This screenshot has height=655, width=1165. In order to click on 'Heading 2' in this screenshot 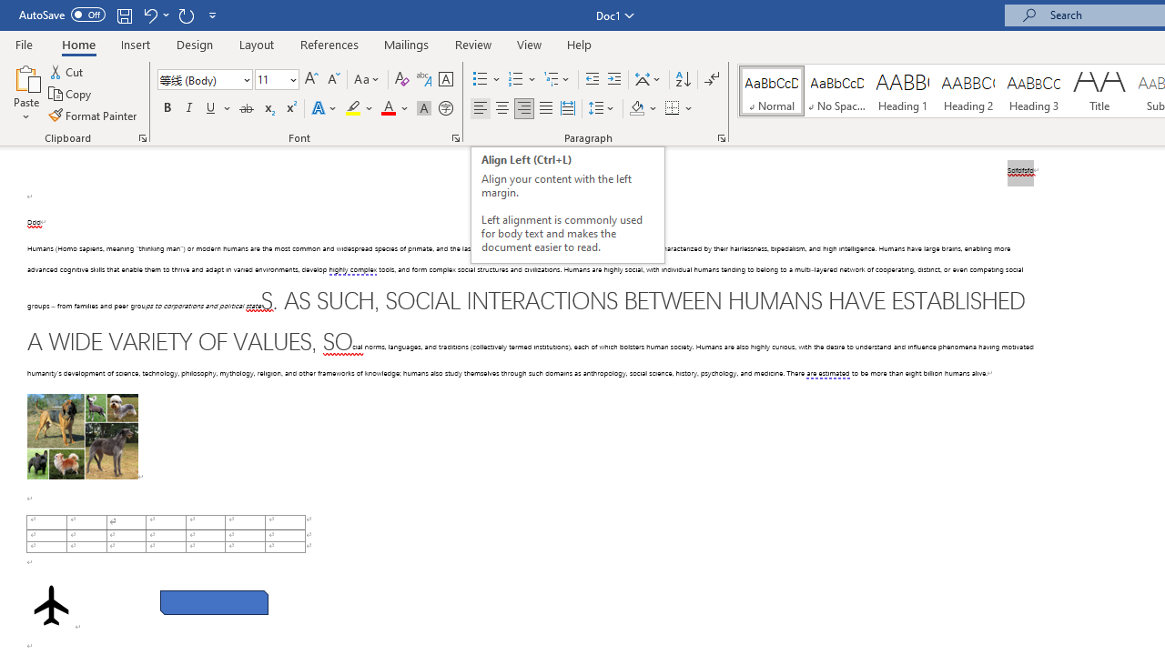, I will do `click(967, 91)`.